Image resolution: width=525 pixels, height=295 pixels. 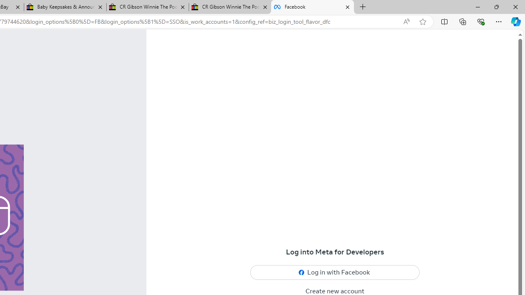 What do you see at coordinates (335, 272) in the screenshot?
I see `'Log in with Facebook'` at bounding box center [335, 272].